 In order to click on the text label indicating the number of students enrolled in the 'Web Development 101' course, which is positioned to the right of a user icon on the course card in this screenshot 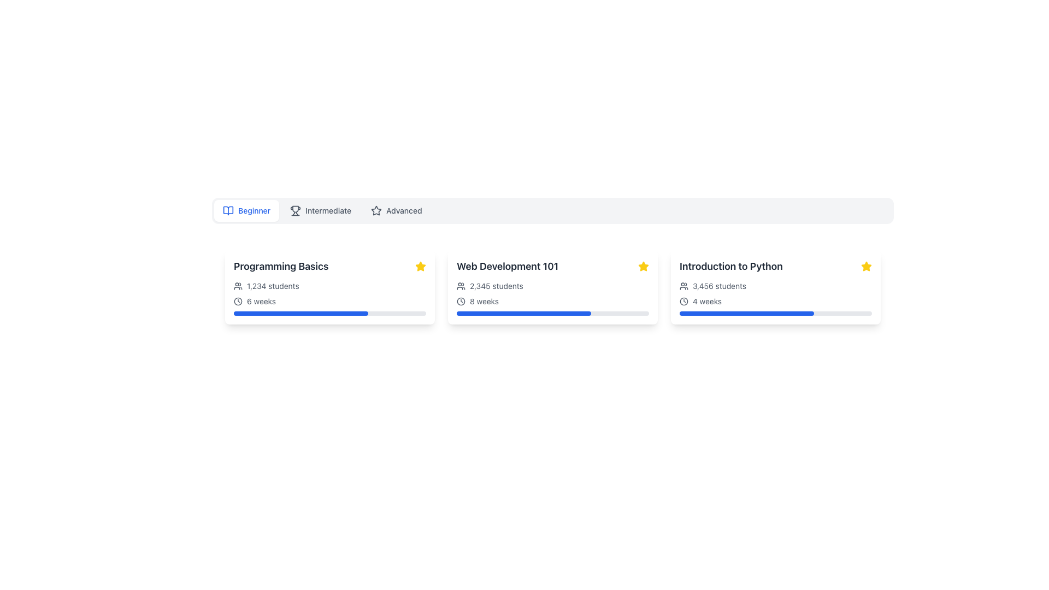, I will do `click(496, 286)`.